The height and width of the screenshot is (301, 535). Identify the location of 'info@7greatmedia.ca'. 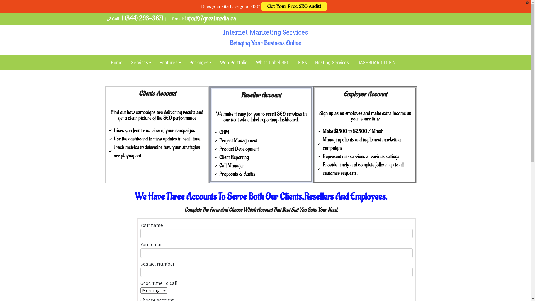
(210, 18).